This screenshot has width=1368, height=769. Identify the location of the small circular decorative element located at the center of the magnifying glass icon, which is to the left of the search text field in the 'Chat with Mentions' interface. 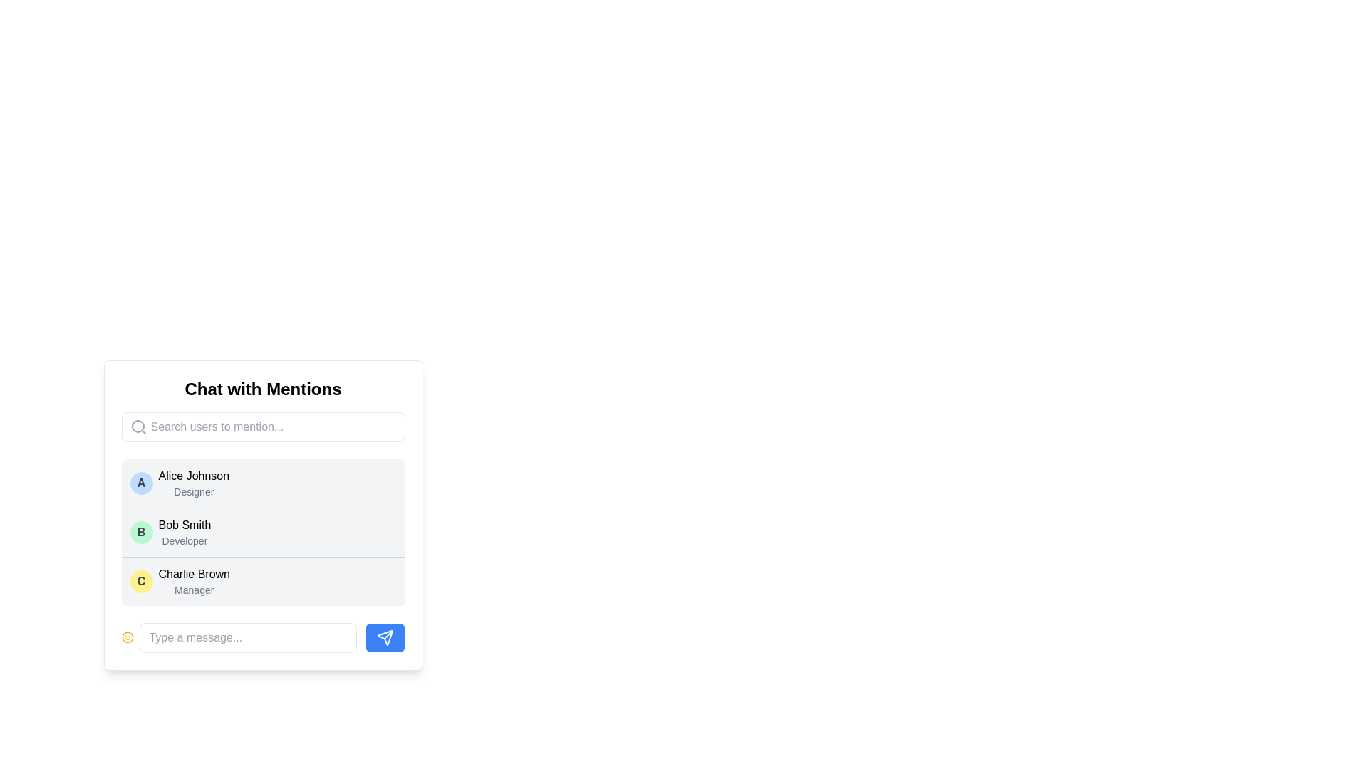
(138, 425).